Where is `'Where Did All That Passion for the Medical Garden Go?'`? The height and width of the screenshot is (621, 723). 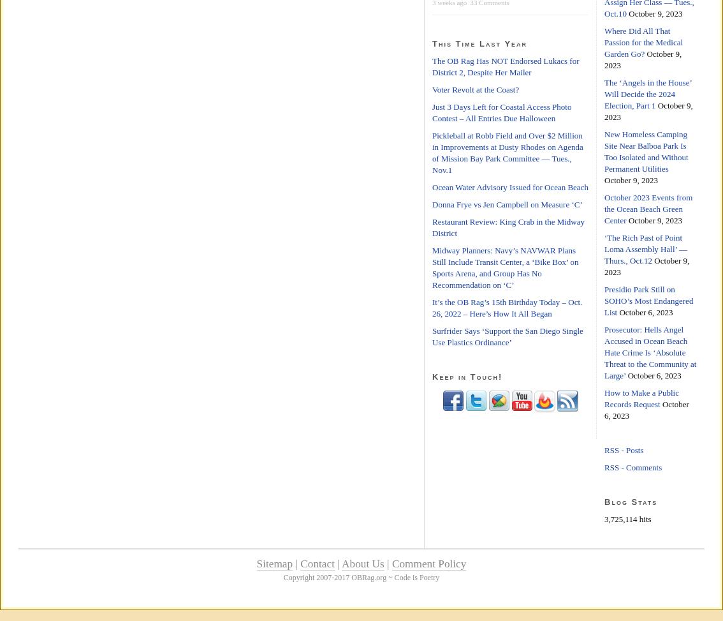
'Where Did All That Passion for the Medical Garden Go?' is located at coordinates (643, 42).